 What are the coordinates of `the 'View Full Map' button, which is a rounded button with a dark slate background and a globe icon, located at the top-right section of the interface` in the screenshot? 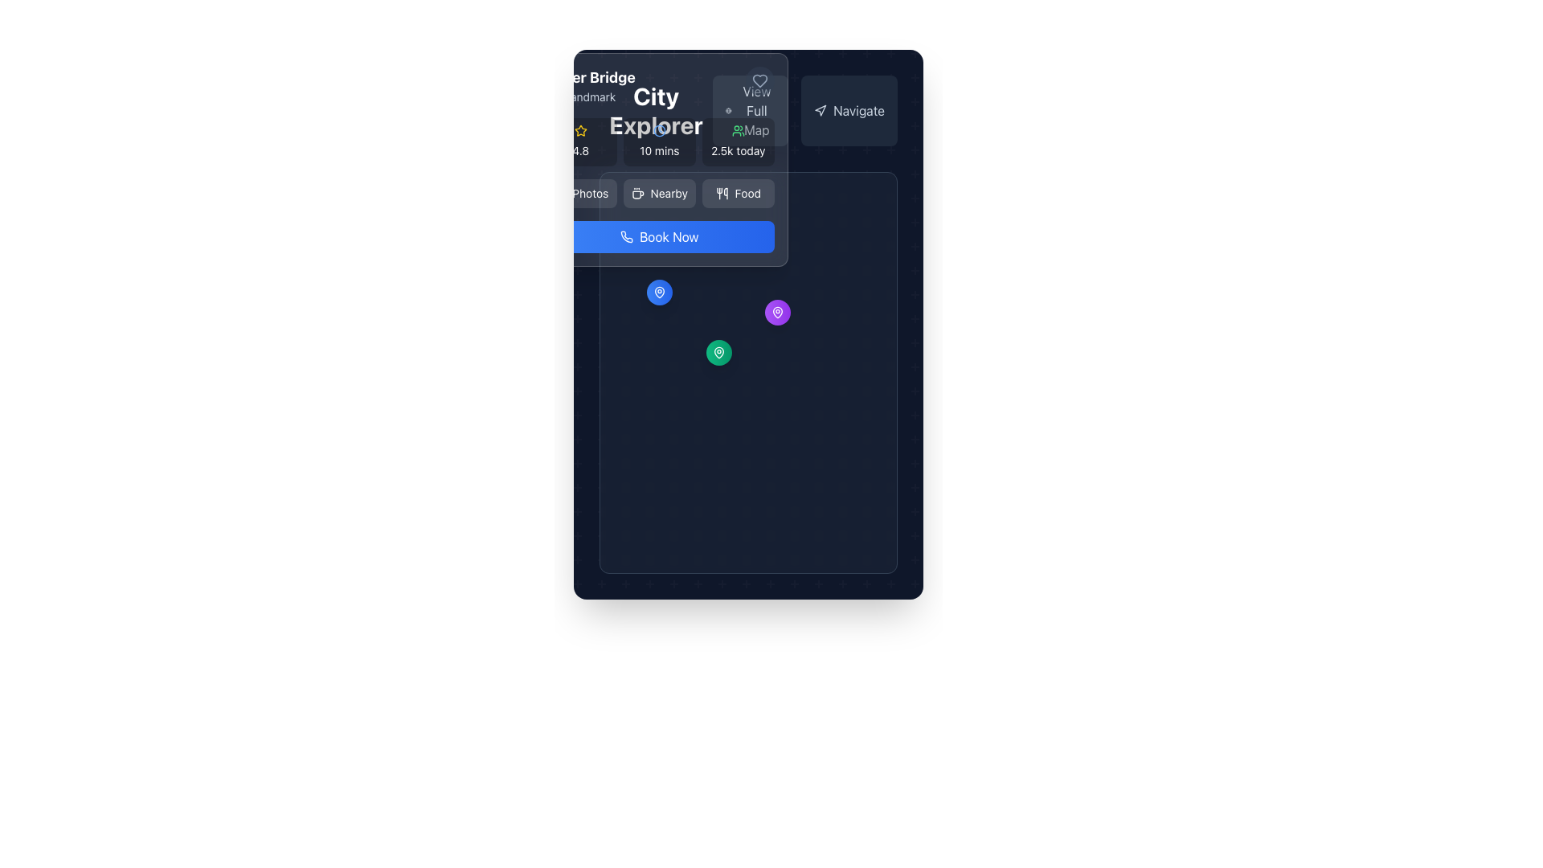 It's located at (750, 110).